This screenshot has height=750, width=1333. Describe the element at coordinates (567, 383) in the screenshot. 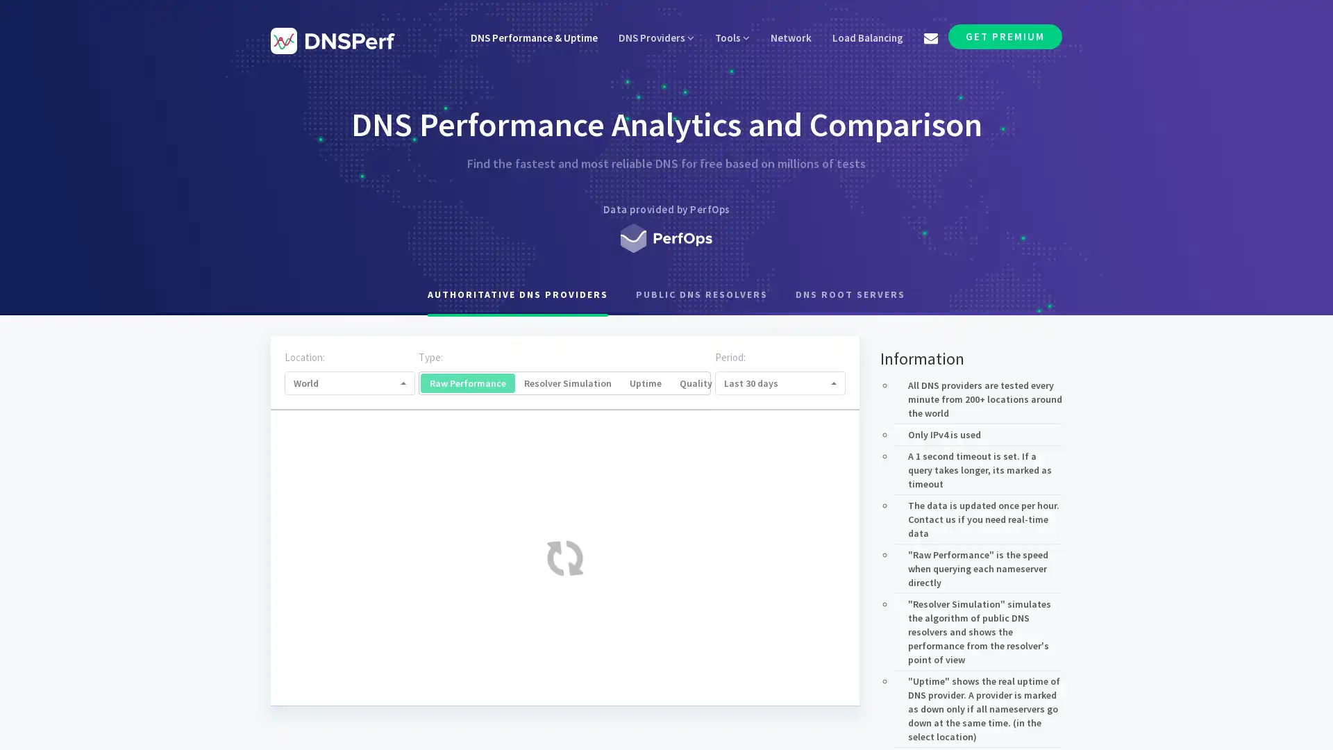

I see `Resolver Simulation` at that location.